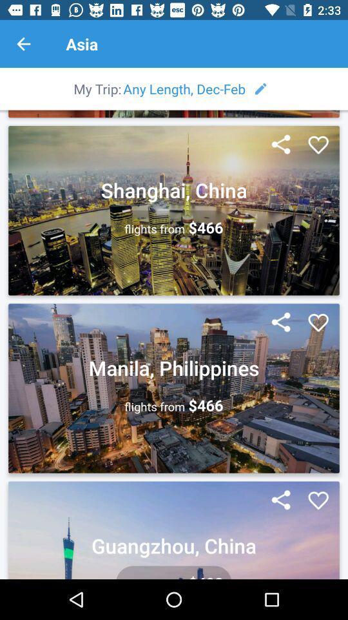 This screenshot has width=348, height=620. What do you see at coordinates (280, 500) in the screenshot?
I see `share the article` at bounding box center [280, 500].